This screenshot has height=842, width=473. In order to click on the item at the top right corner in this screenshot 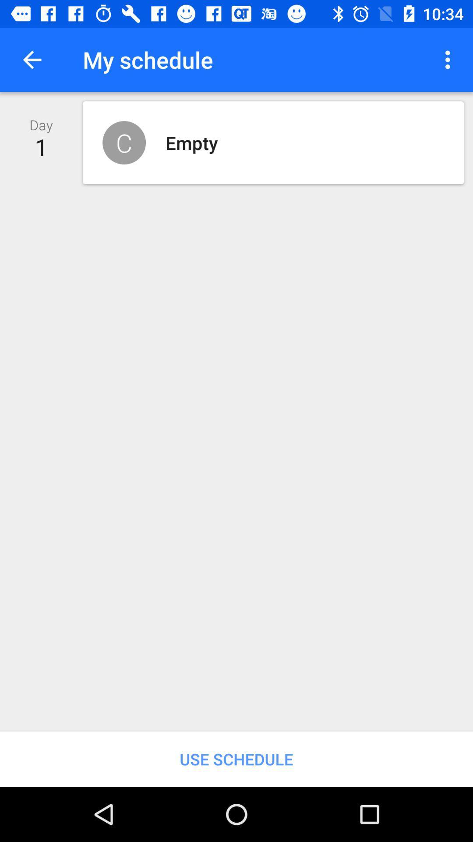, I will do `click(450, 59)`.